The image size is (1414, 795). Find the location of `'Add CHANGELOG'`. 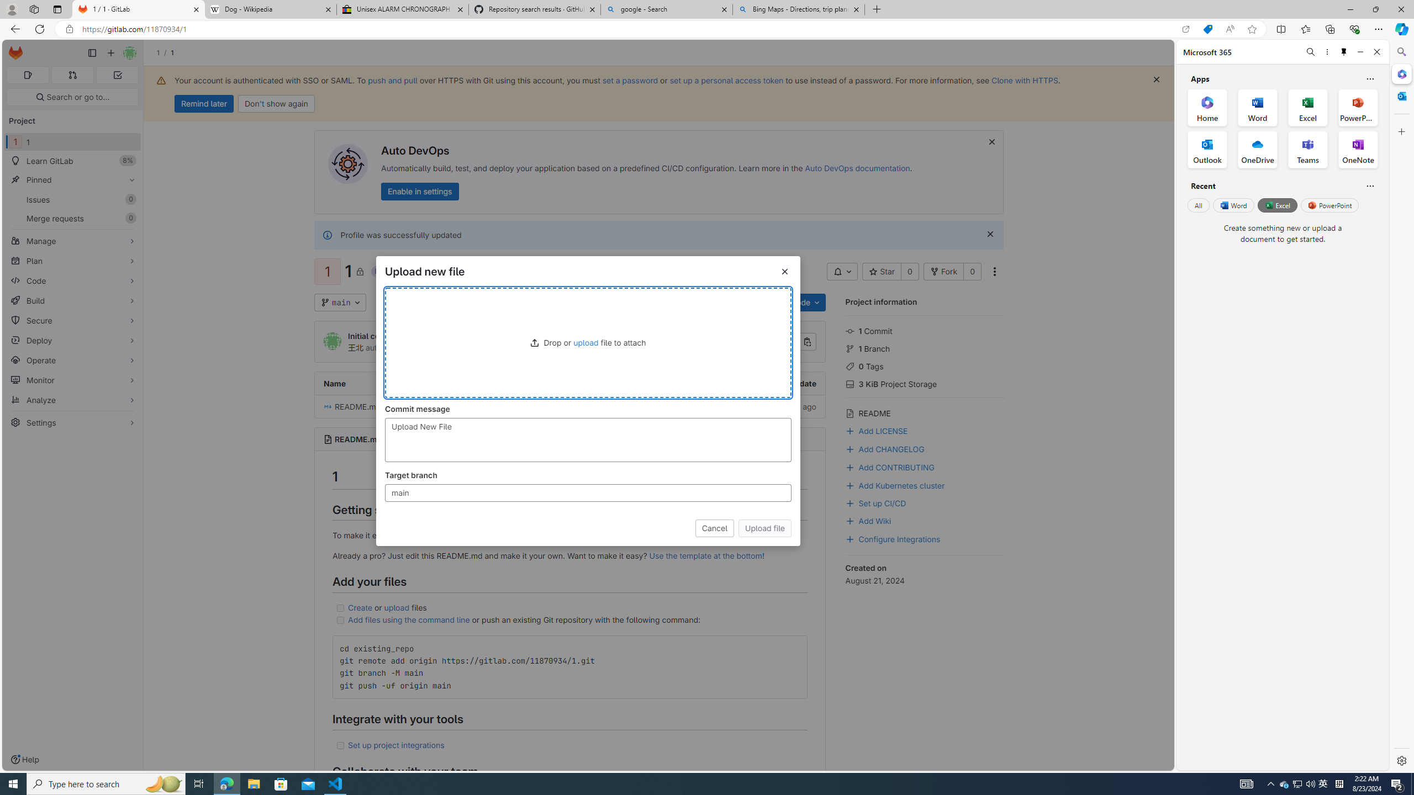

'Add CHANGELOG' is located at coordinates (885, 448).